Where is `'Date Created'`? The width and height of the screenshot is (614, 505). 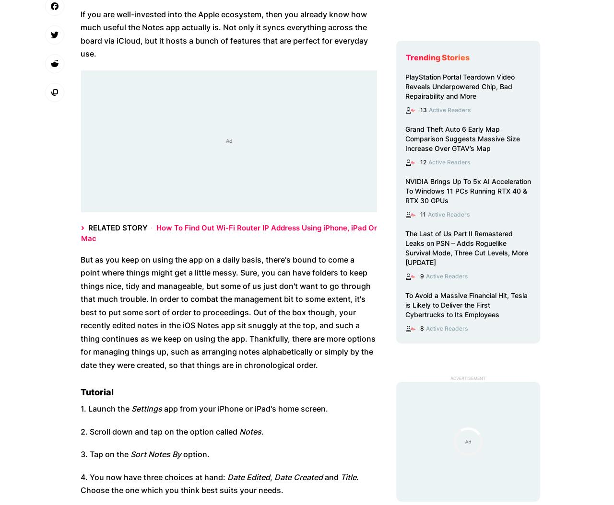 'Date Created' is located at coordinates (274, 476).